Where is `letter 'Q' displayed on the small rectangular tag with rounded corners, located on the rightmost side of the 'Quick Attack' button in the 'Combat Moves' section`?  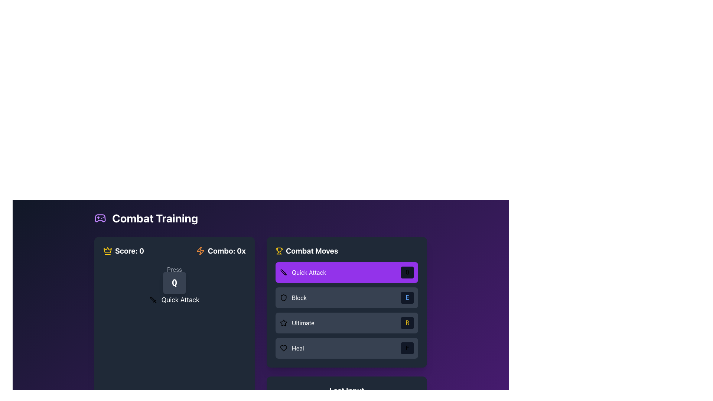
letter 'Q' displayed on the small rectangular tag with rounded corners, located on the rightmost side of the 'Quick Attack' button in the 'Combat Moves' section is located at coordinates (407, 272).